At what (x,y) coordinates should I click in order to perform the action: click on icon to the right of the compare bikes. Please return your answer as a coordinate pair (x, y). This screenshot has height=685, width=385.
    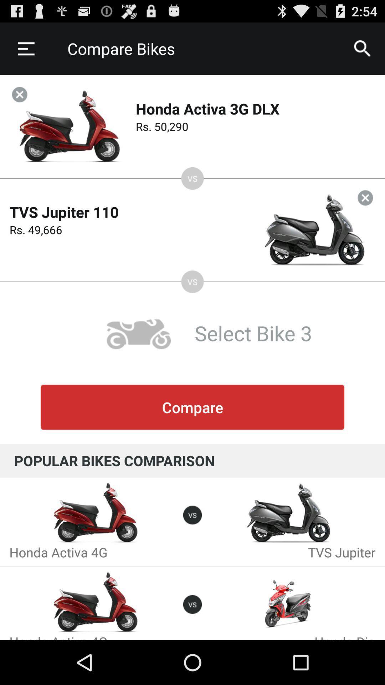
    Looking at the image, I should click on (363, 48).